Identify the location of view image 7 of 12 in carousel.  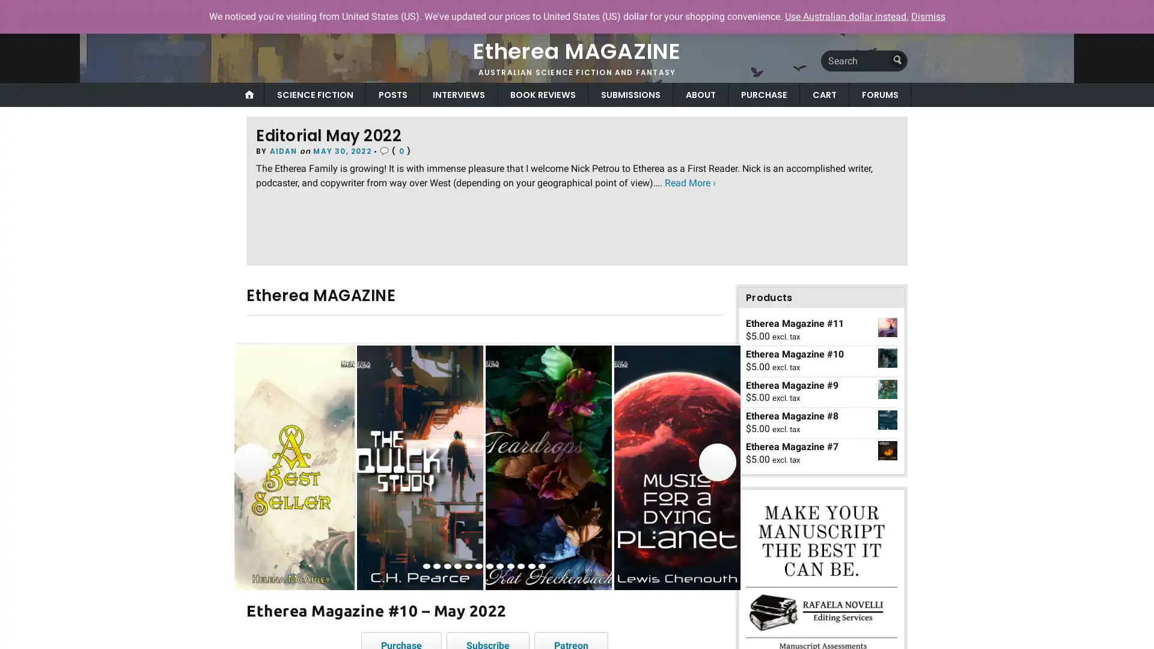
(489, 565).